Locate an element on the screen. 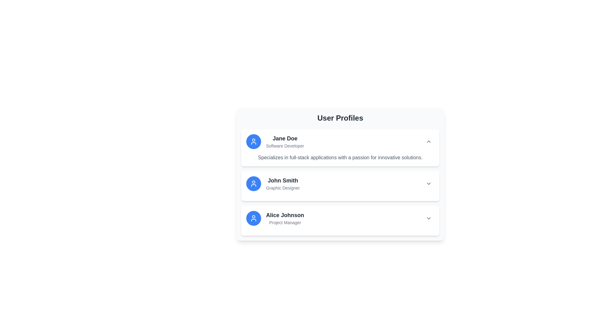 The width and height of the screenshot is (594, 334). the upward-facing chevron icon located to the far right of the row containing 'Jane Doe - Software Developer' is located at coordinates (428, 142).